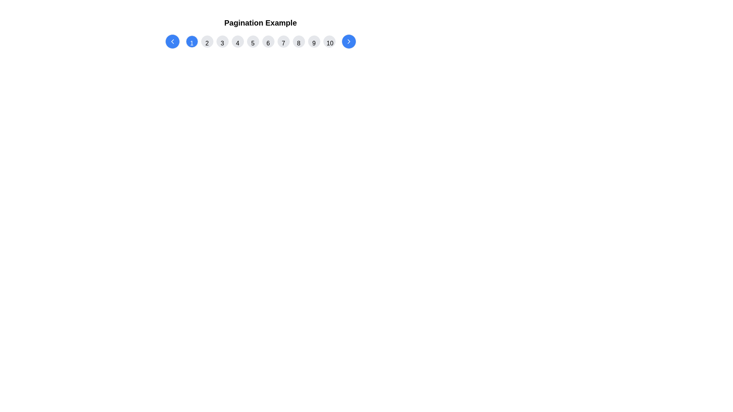  I want to click on the navigation button with an icon to move to the previous page in the pagination control, which is located to the left of the circular button labeled '1', so click(172, 41).